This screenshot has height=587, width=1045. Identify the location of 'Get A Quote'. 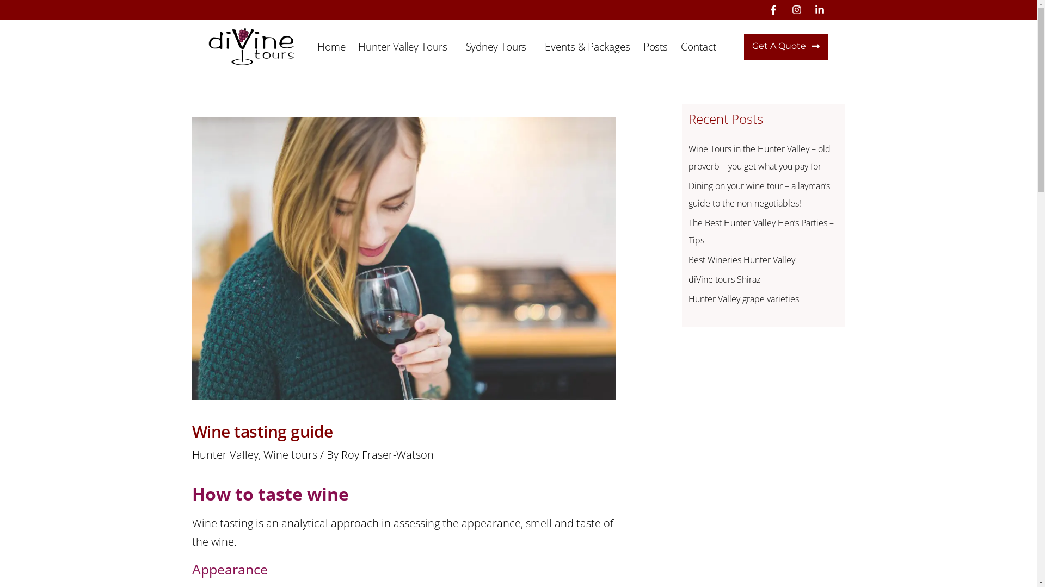
(743, 46).